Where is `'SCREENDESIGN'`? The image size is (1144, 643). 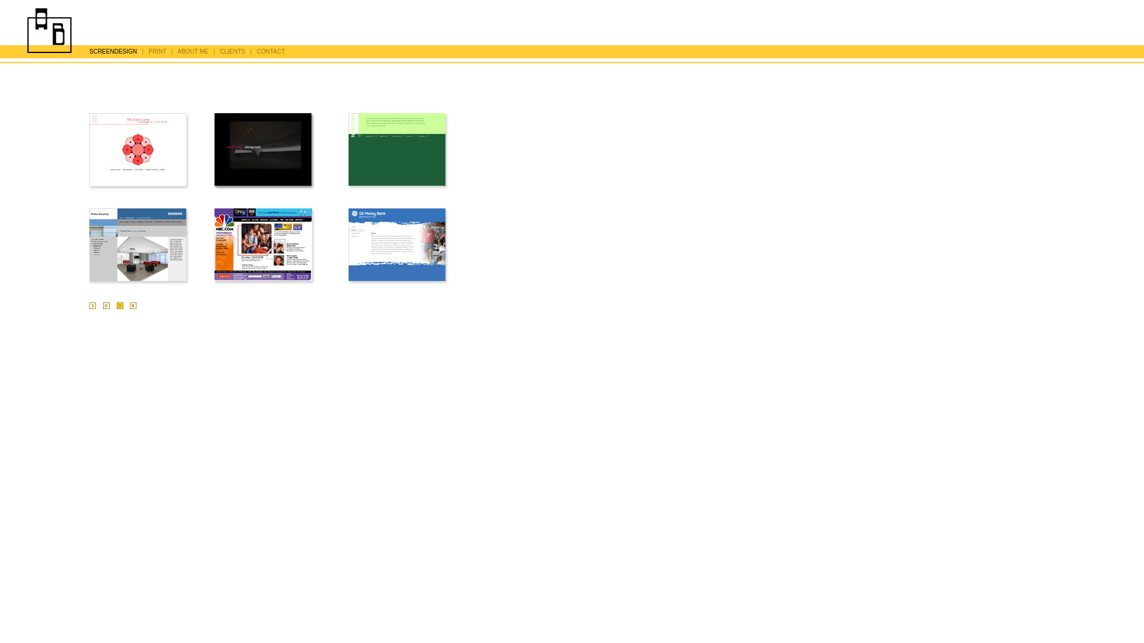
'SCREENDESIGN' is located at coordinates (113, 51).